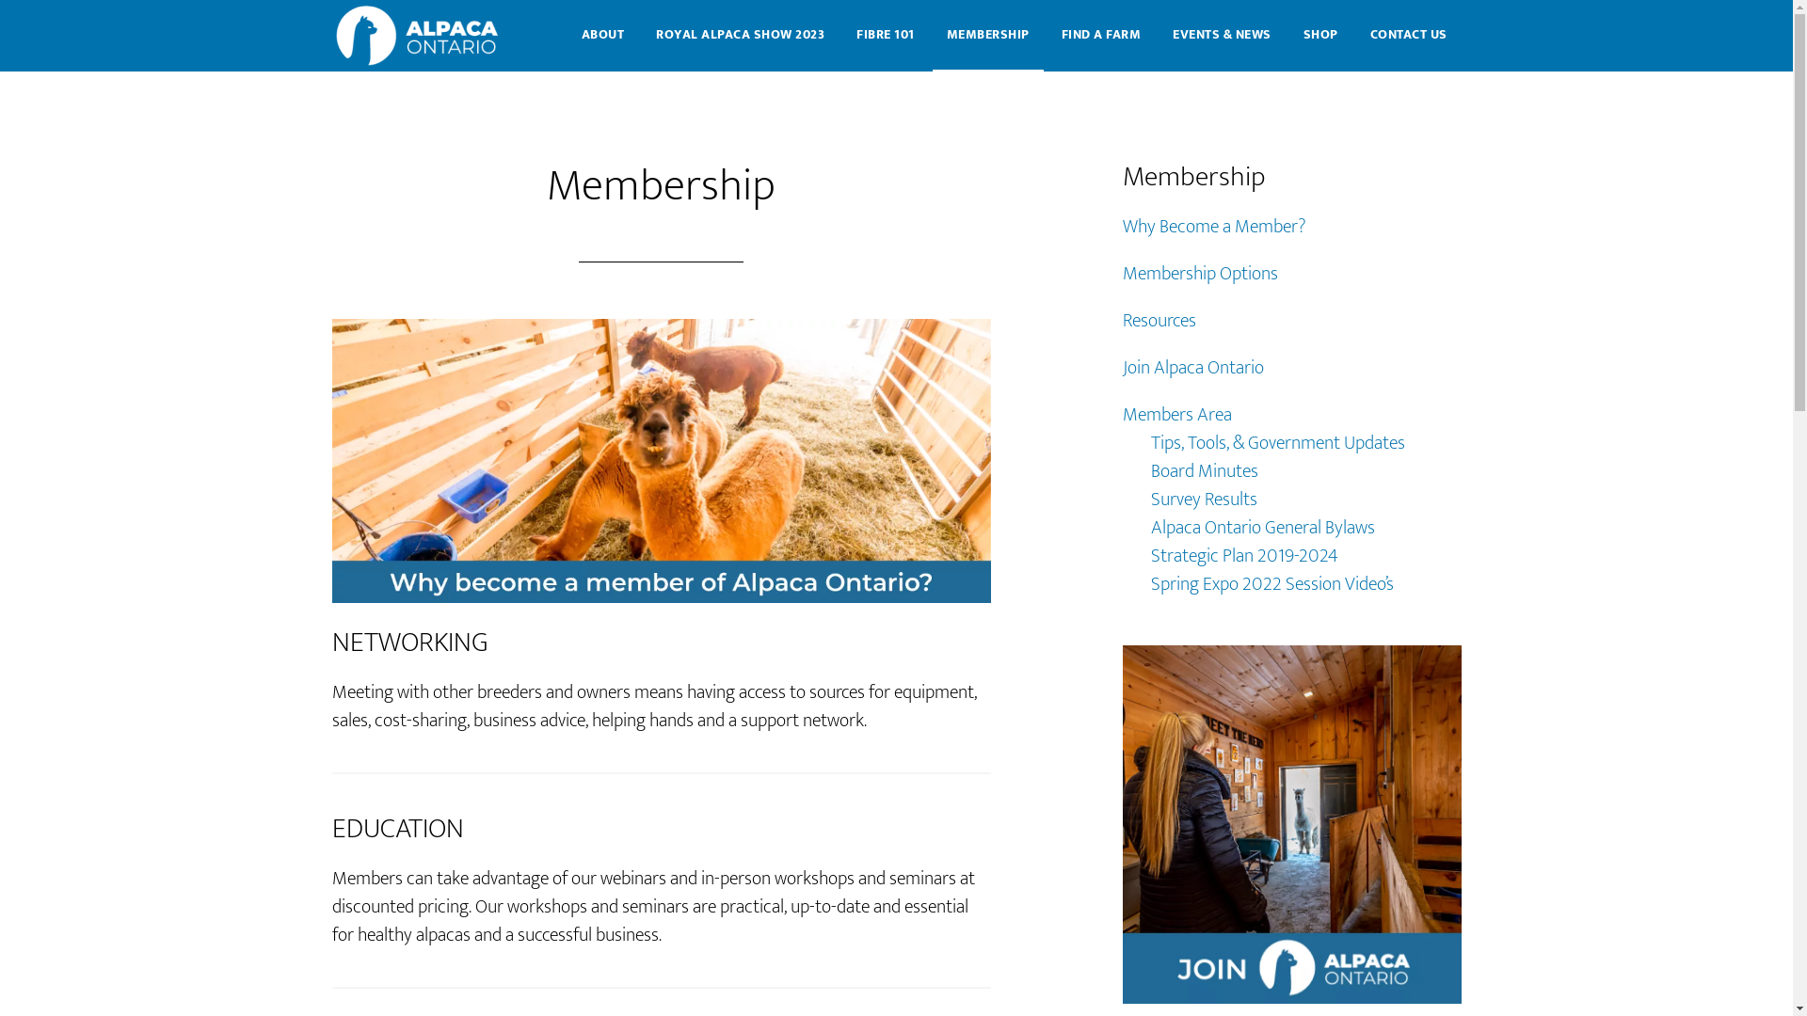 The image size is (1807, 1016). I want to click on 'Skip to main content', so click(0, 0).